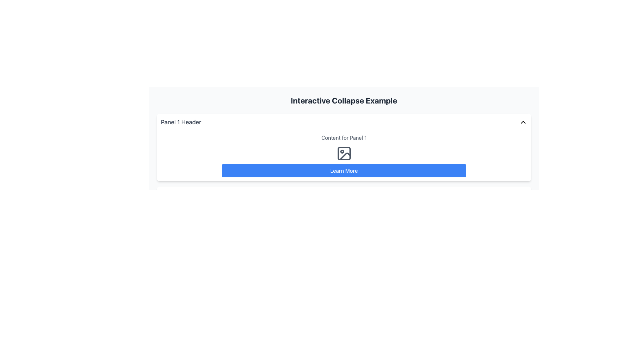  I want to click on the 'Learn More' button with rounded corners and a blue background, so click(344, 170).